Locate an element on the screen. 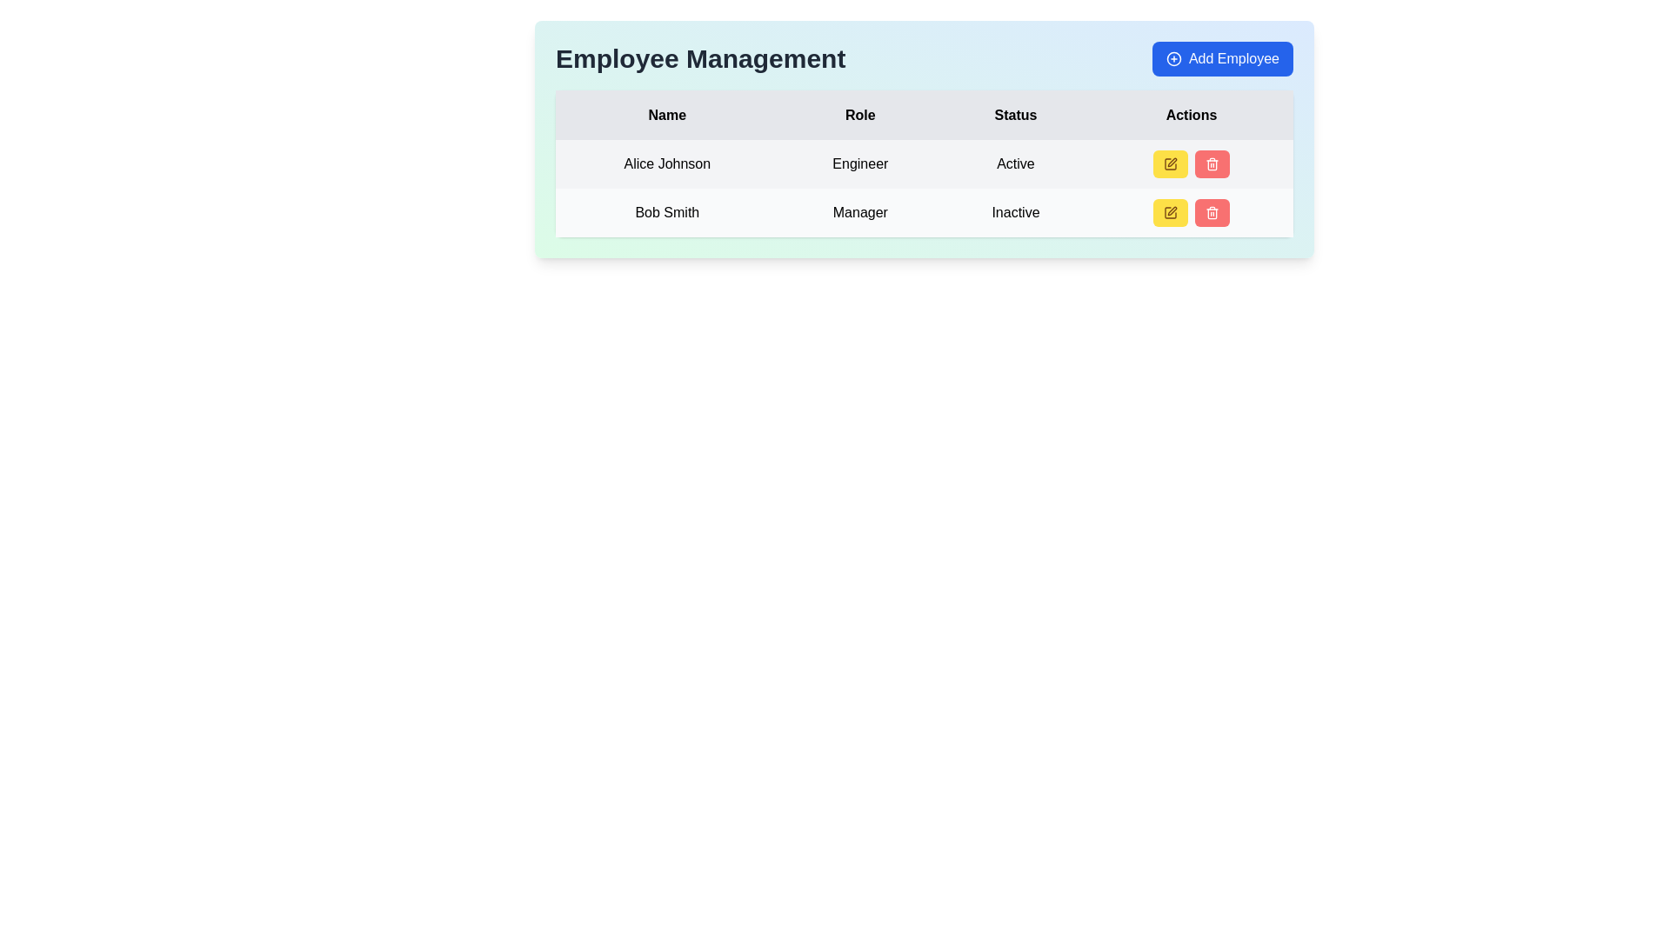  the square pen icon within the yellow button in the Actions column of the second row of the table to initiate the button action is located at coordinates (1170, 164).